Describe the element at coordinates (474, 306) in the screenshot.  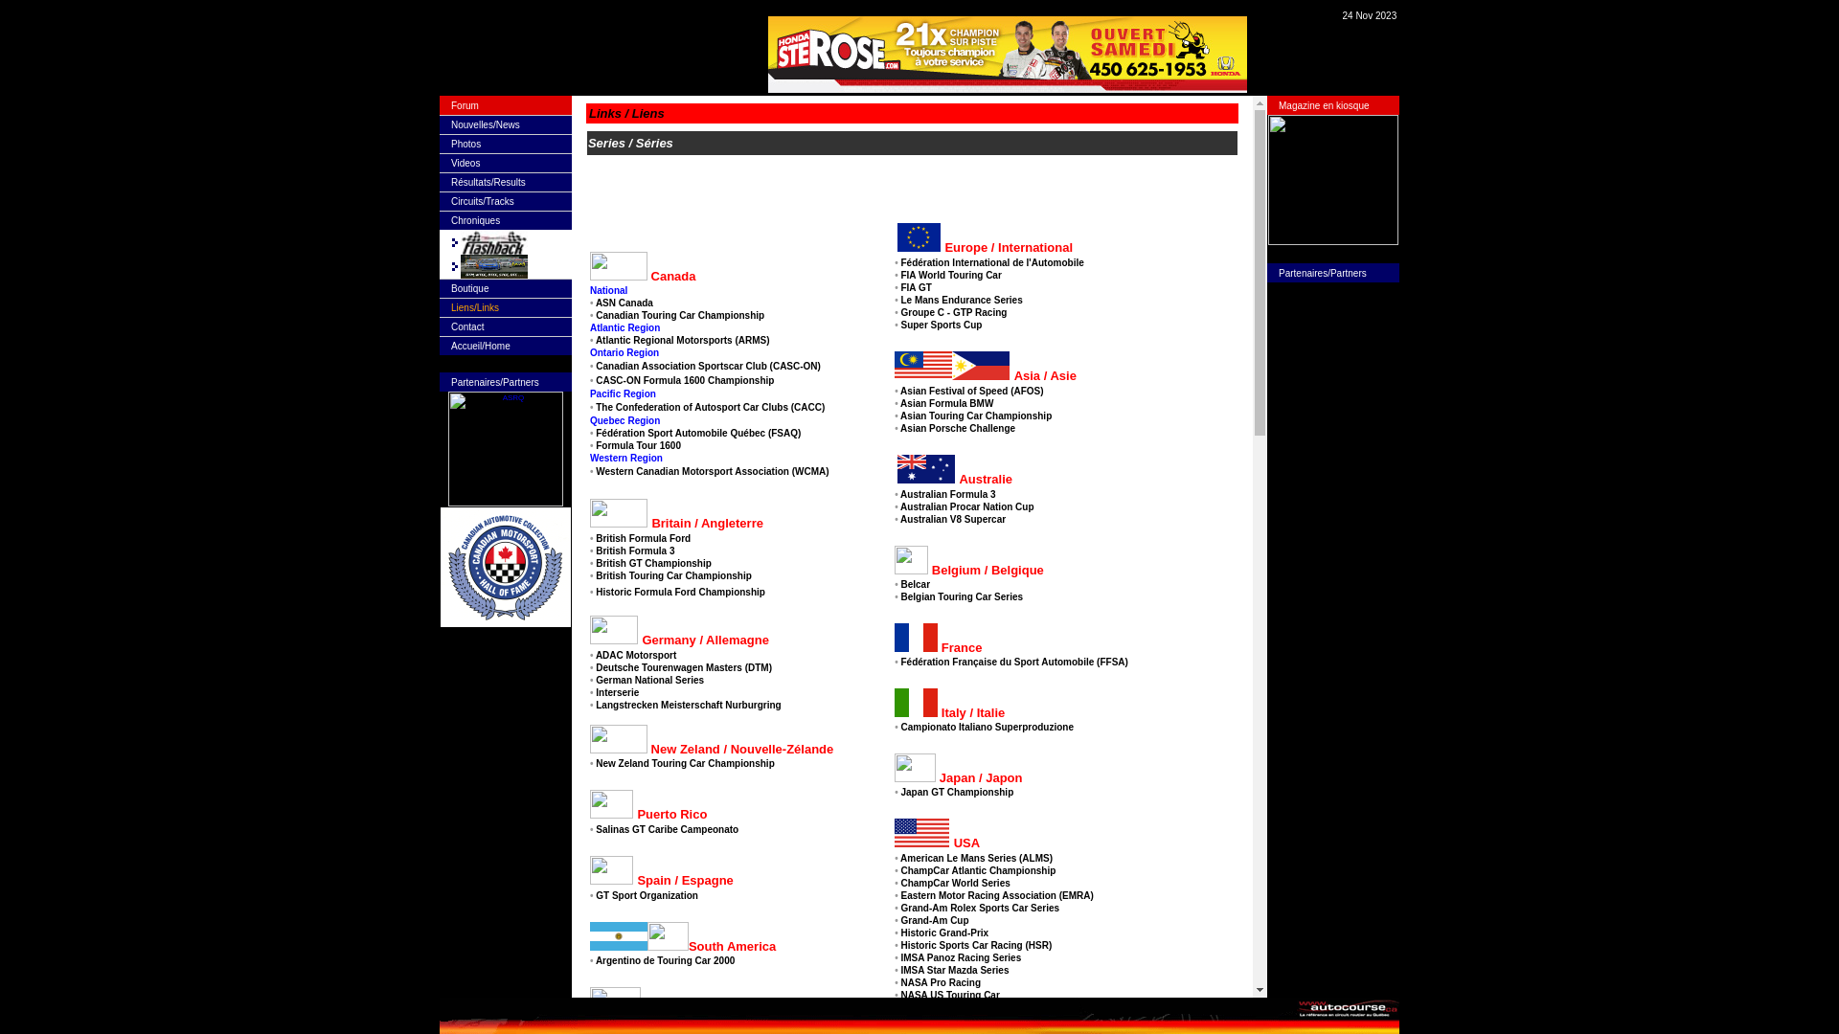
I see `'Liens/Links'` at that location.